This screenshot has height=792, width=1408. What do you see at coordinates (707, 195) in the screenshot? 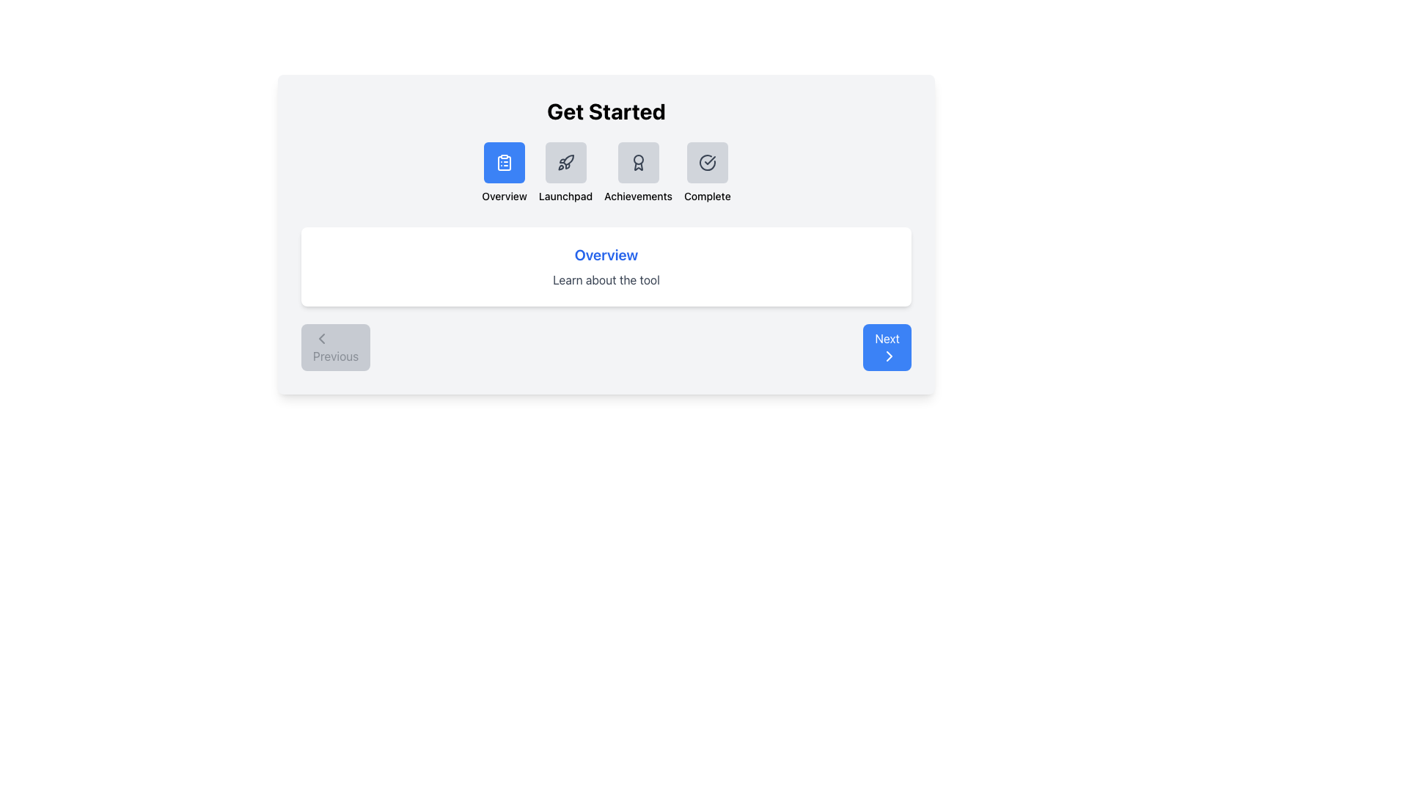
I see `the text label reading 'Complete', which is positioned beneath a checkmark icon in a modern UI design, part of the 'Get Started' section` at bounding box center [707, 195].